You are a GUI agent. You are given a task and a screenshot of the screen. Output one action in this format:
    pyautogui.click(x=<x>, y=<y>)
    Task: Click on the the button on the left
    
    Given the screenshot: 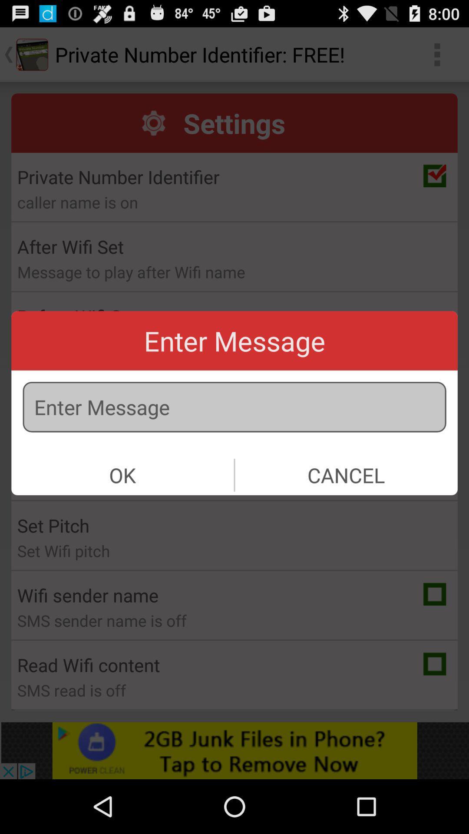 What is the action you would take?
    pyautogui.click(x=122, y=474)
    